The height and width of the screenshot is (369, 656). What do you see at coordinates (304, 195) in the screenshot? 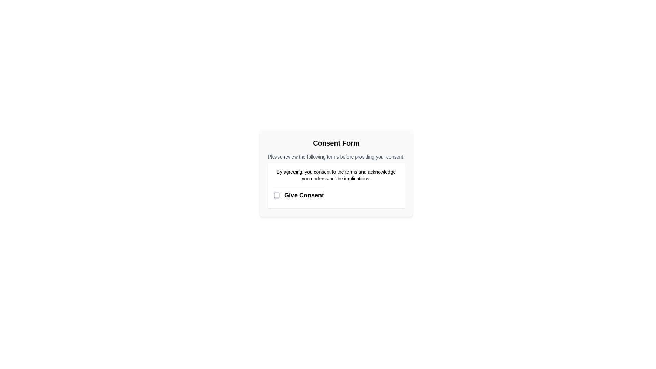
I see `the informational label indicating the action of the checkbox to its left, which suggests that checking the box signifies giving consent` at bounding box center [304, 195].